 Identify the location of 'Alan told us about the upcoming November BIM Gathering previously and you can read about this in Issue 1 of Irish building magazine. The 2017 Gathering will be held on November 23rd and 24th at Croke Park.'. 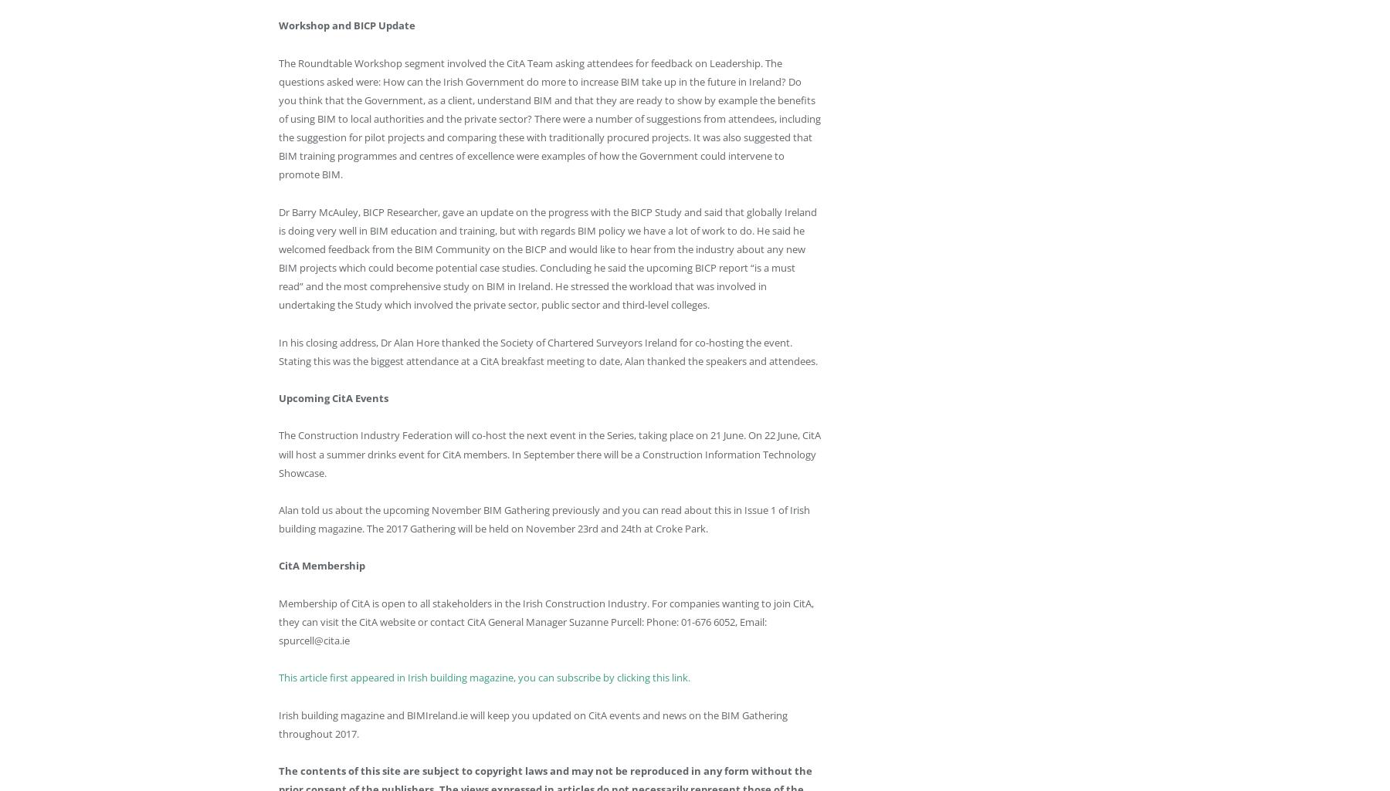
(279, 519).